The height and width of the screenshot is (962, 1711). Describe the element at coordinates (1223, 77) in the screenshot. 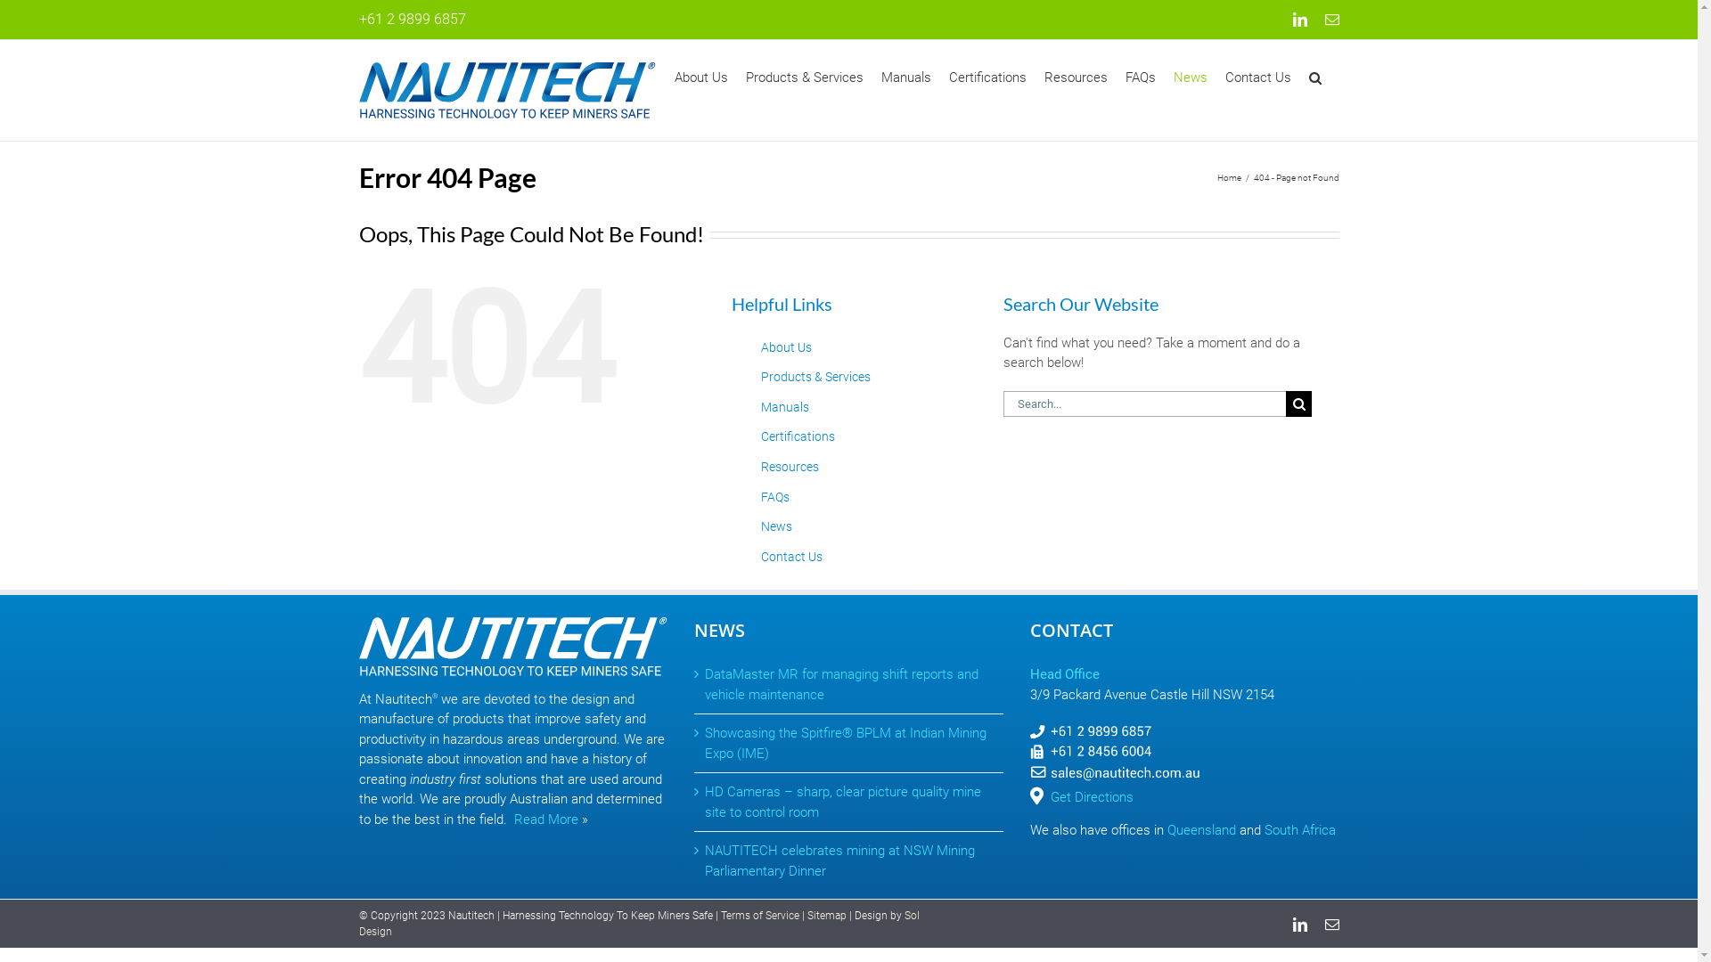

I see `'Contact Us'` at that location.